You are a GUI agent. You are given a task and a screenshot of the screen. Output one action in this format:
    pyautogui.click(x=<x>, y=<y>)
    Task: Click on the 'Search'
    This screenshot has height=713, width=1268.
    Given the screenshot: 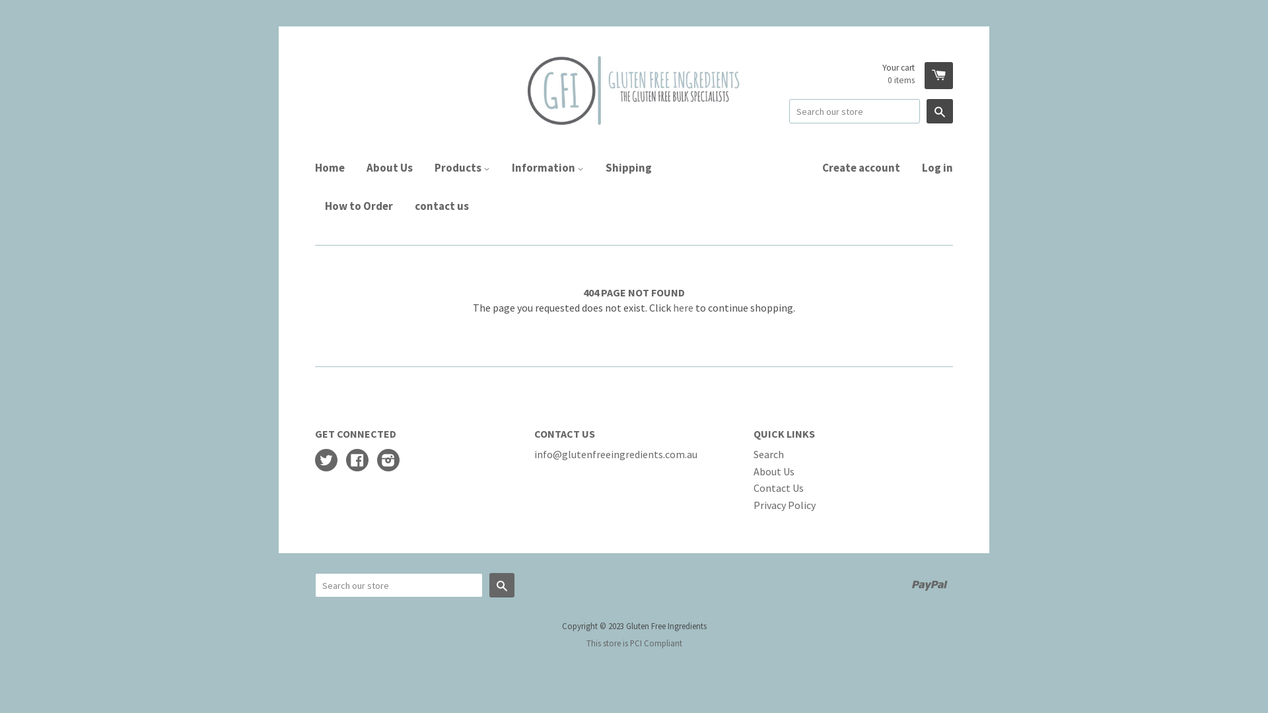 What is the action you would take?
    pyautogui.click(x=938, y=110)
    